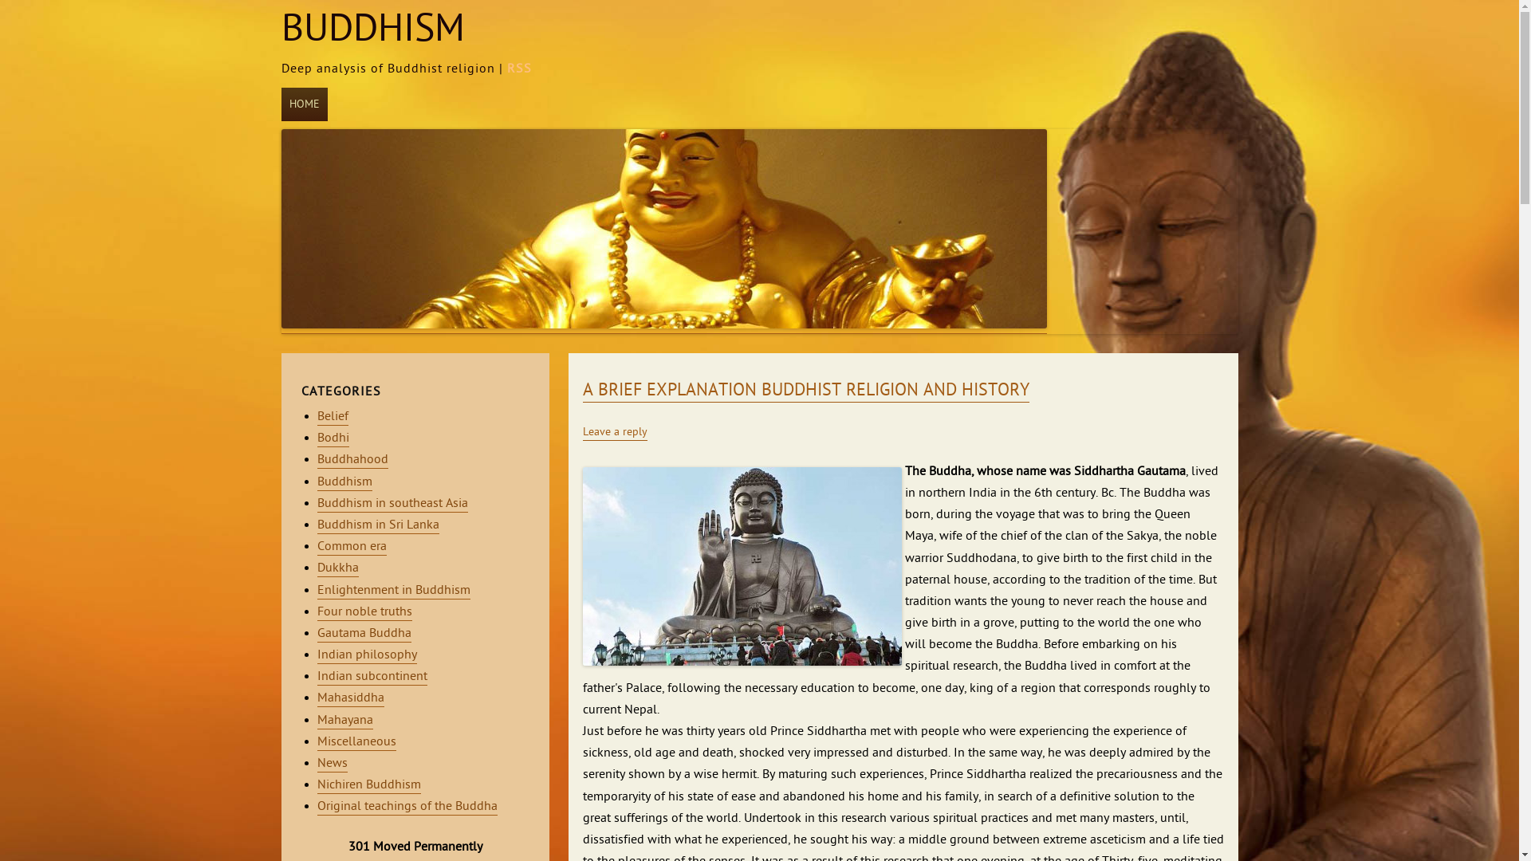 The width and height of the screenshot is (1531, 861). I want to click on 'Indian philosophy', so click(366, 655).